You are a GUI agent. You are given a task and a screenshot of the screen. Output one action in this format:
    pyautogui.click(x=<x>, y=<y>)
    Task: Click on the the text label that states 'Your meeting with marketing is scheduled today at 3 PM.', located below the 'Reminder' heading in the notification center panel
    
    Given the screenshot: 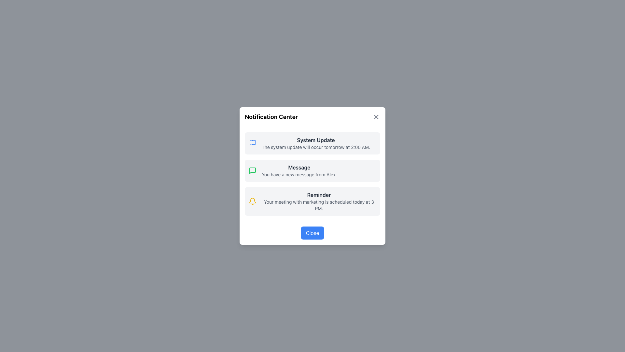 What is the action you would take?
    pyautogui.click(x=319, y=205)
    